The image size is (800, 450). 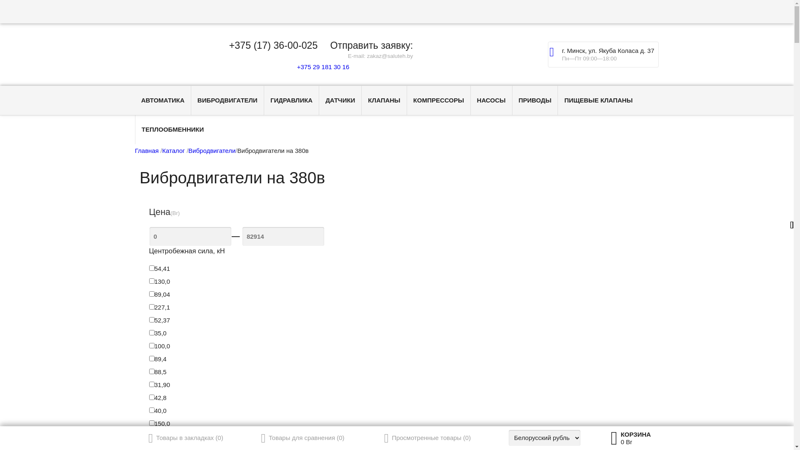 I want to click on '+375 29 181 30 16', so click(x=321, y=66).